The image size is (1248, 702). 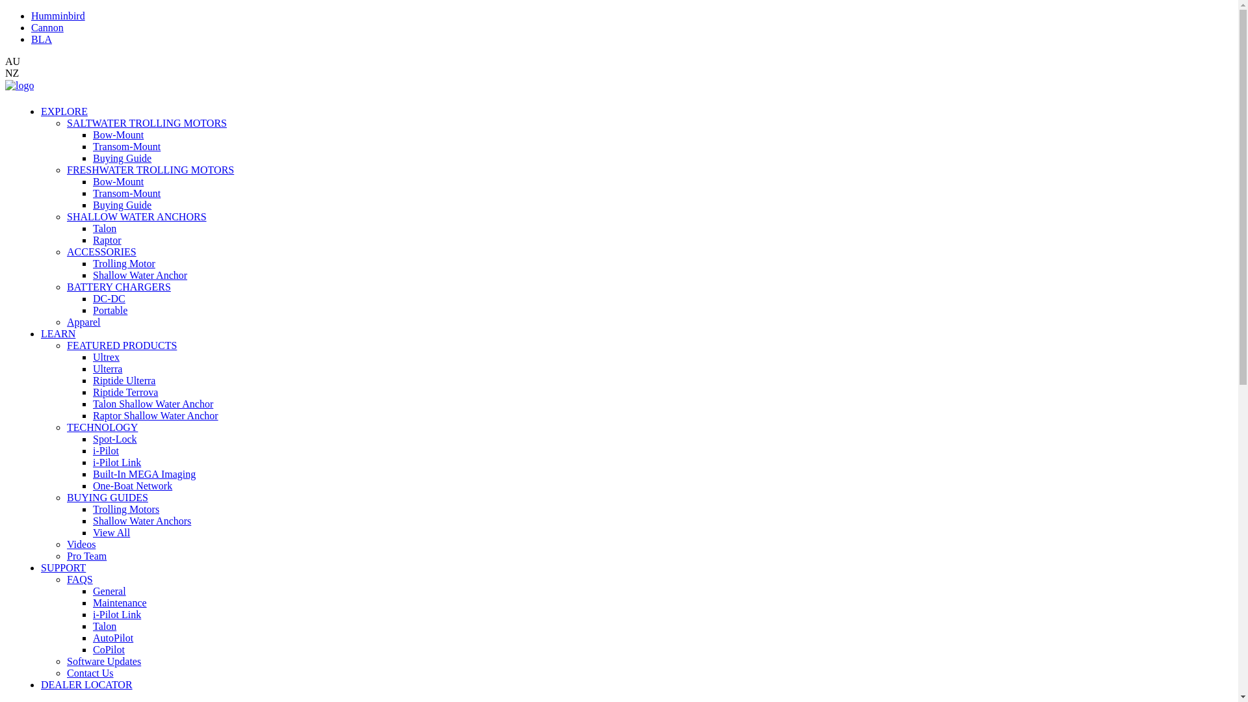 What do you see at coordinates (66, 169) in the screenshot?
I see `'FRESHWATER TROLLING MOTORS'` at bounding box center [66, 169].